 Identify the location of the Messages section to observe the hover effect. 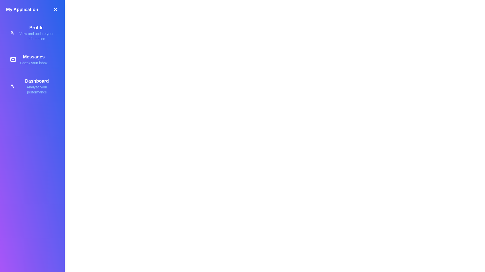
(32, 59).